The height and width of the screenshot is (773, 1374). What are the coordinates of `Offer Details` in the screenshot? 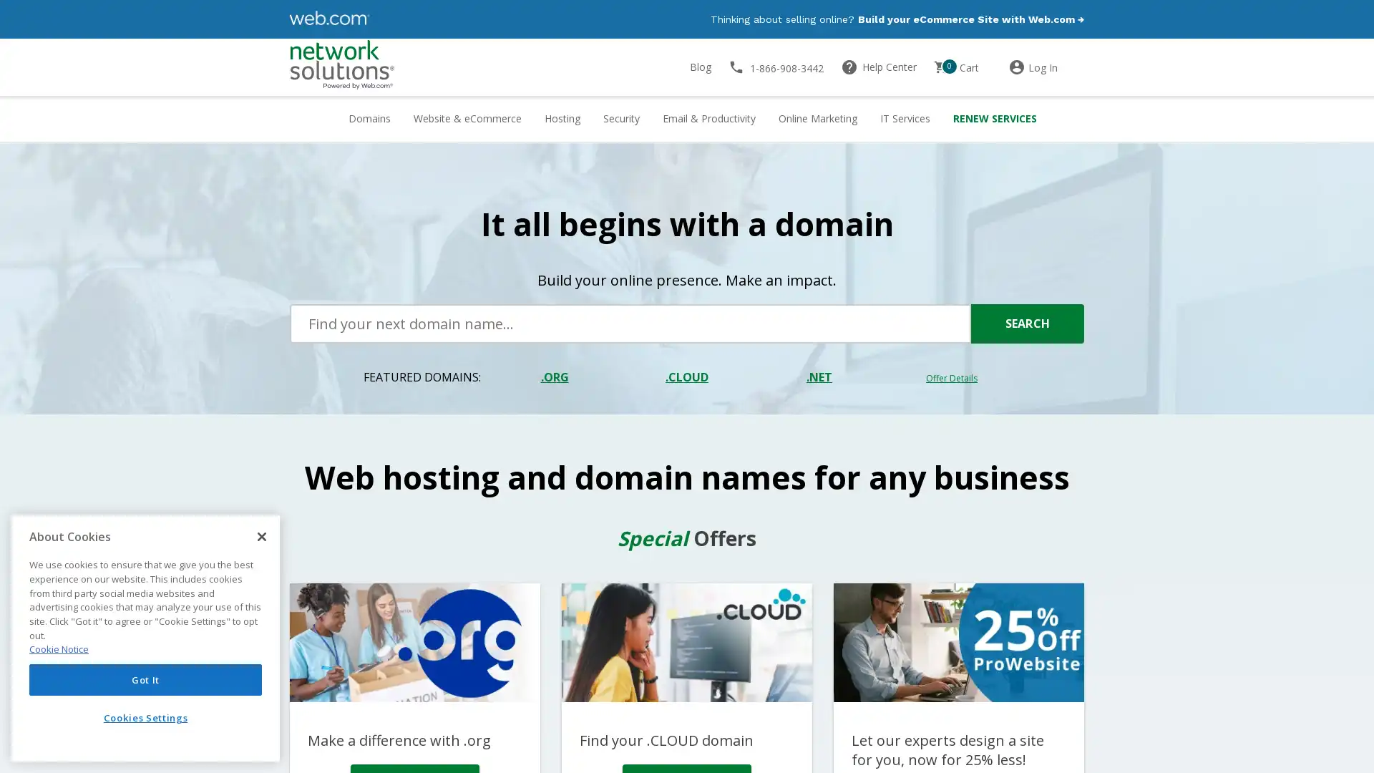 It's located at (951, 377).